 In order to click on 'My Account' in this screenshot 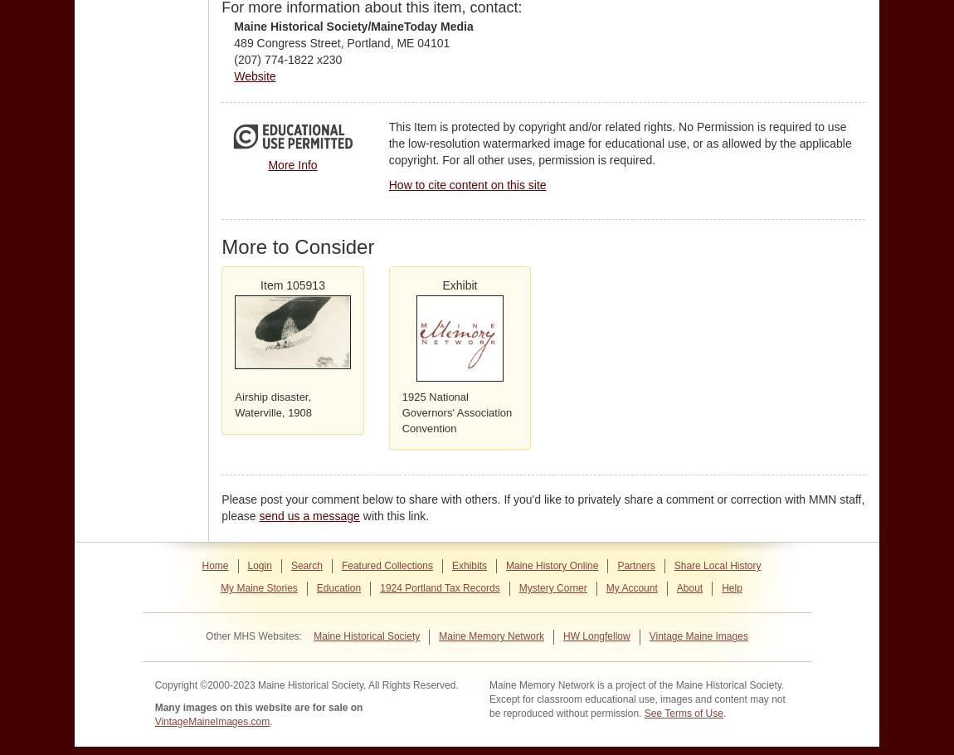, I will do `click(630, 587)`.